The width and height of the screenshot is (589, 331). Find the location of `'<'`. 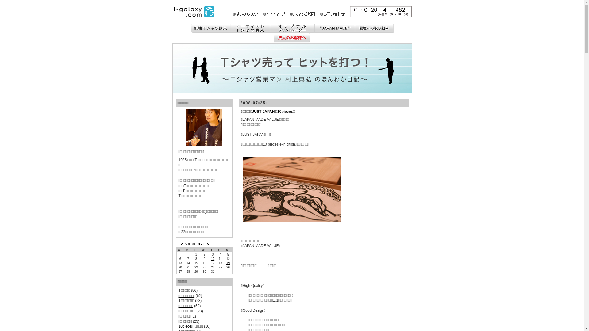

'<' is located at coordinates (182, 244).